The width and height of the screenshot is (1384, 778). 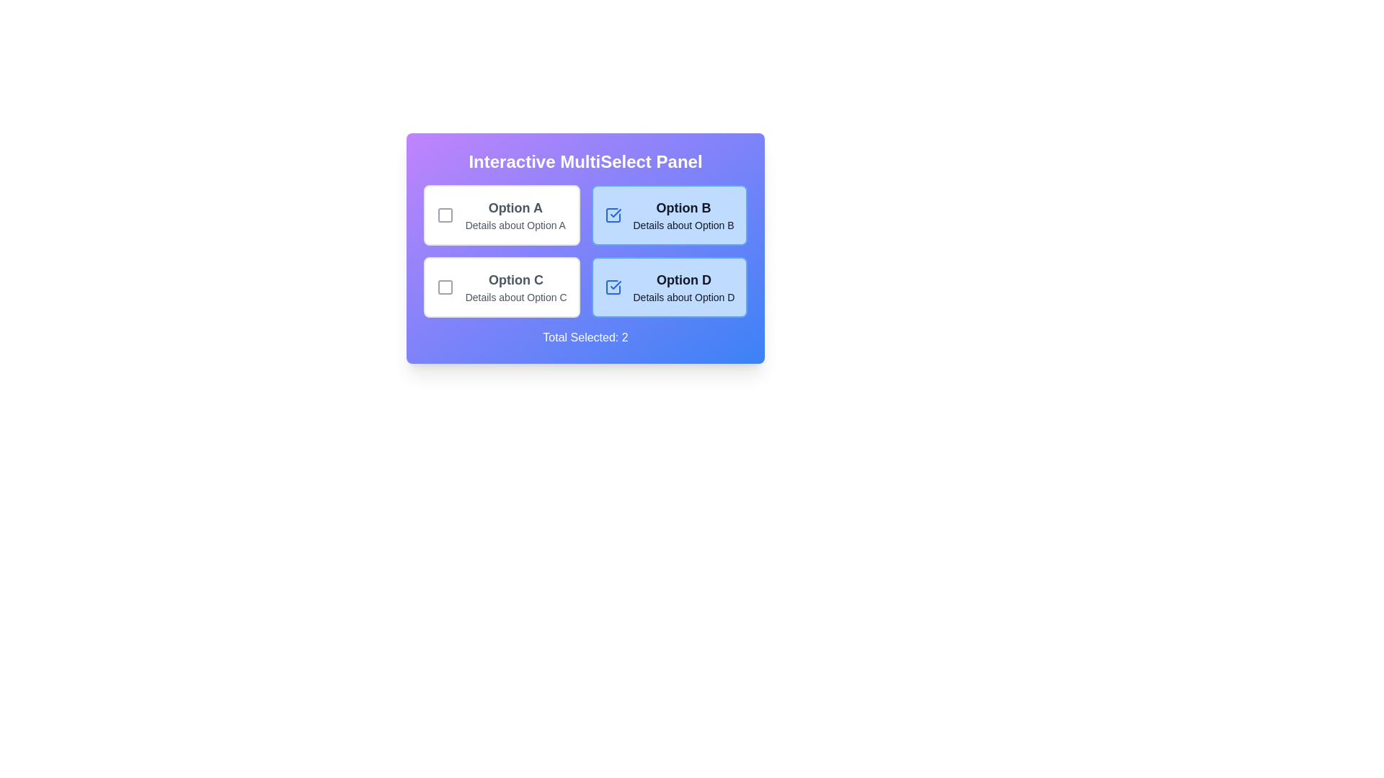 I want to click on the option Option B to read its details, so click(x=668, y=215).